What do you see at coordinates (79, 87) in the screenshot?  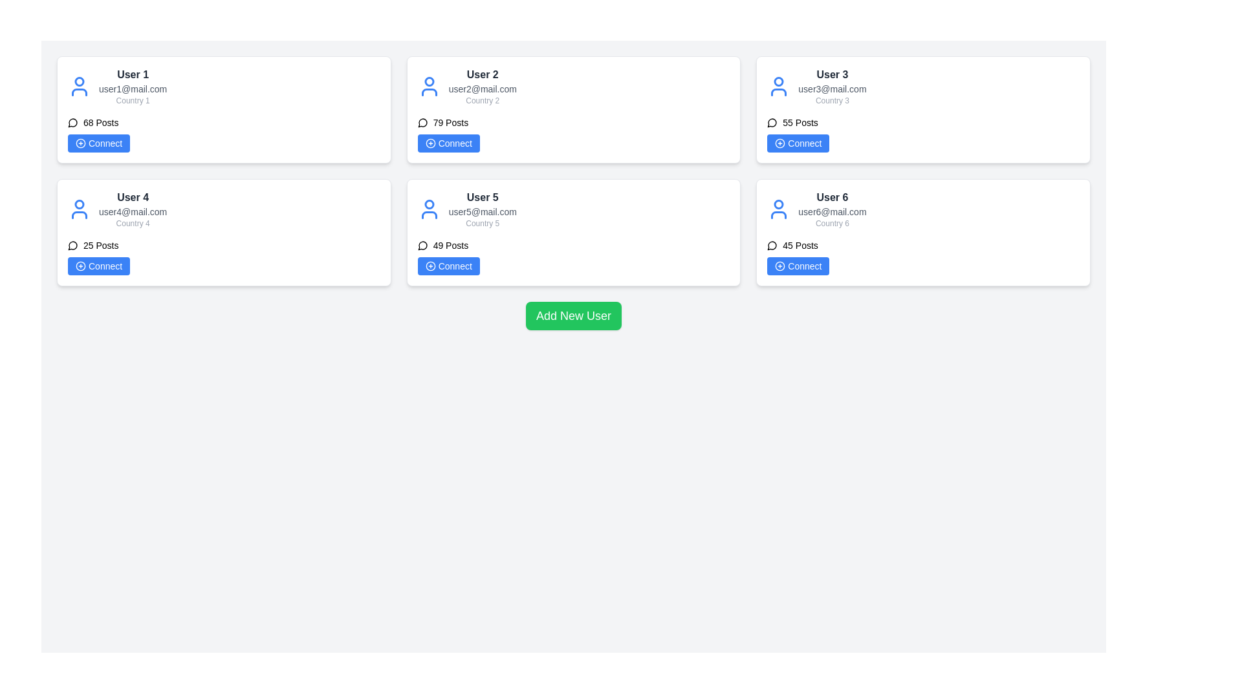 I see `the user profile icon located at the top-left corner of the card for 'User 1'` at bounding box center [79, 87].